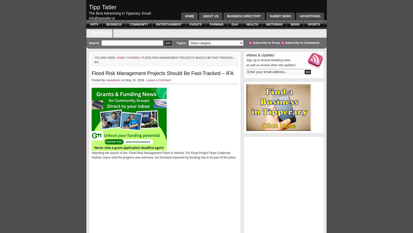 The height and width of the screenshot is (233, 413). What do you see at coordinates (310, 16) in the screenshot?
I see `'Advertising'` at bounding box center [310, 16].